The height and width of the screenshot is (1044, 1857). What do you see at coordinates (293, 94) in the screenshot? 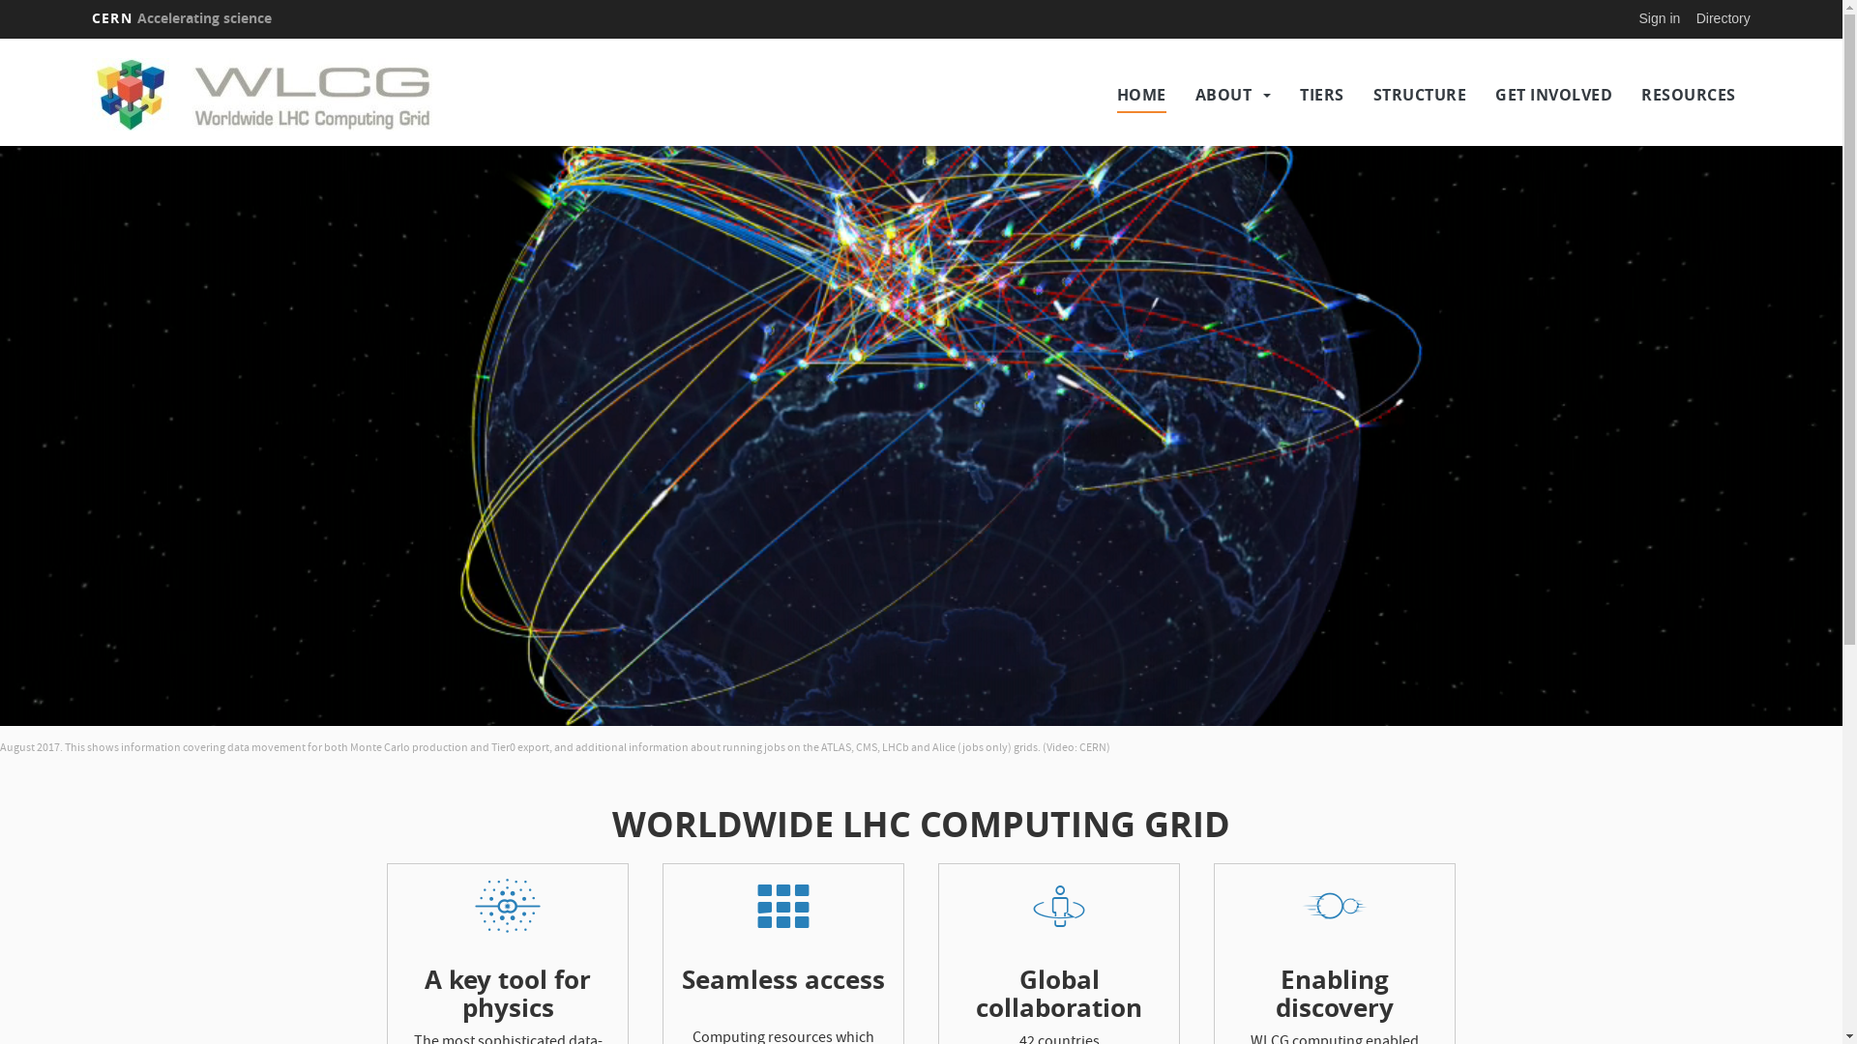
I see `'Home'` at bounding box center [293, 94].